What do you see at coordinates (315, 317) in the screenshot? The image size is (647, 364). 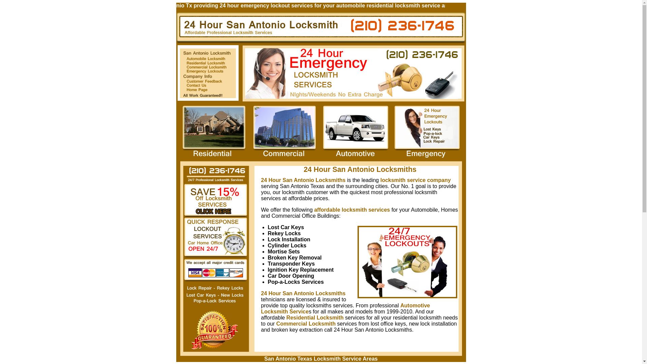 I see `'Residential Locksmith'` at bounding box center [315, 317].